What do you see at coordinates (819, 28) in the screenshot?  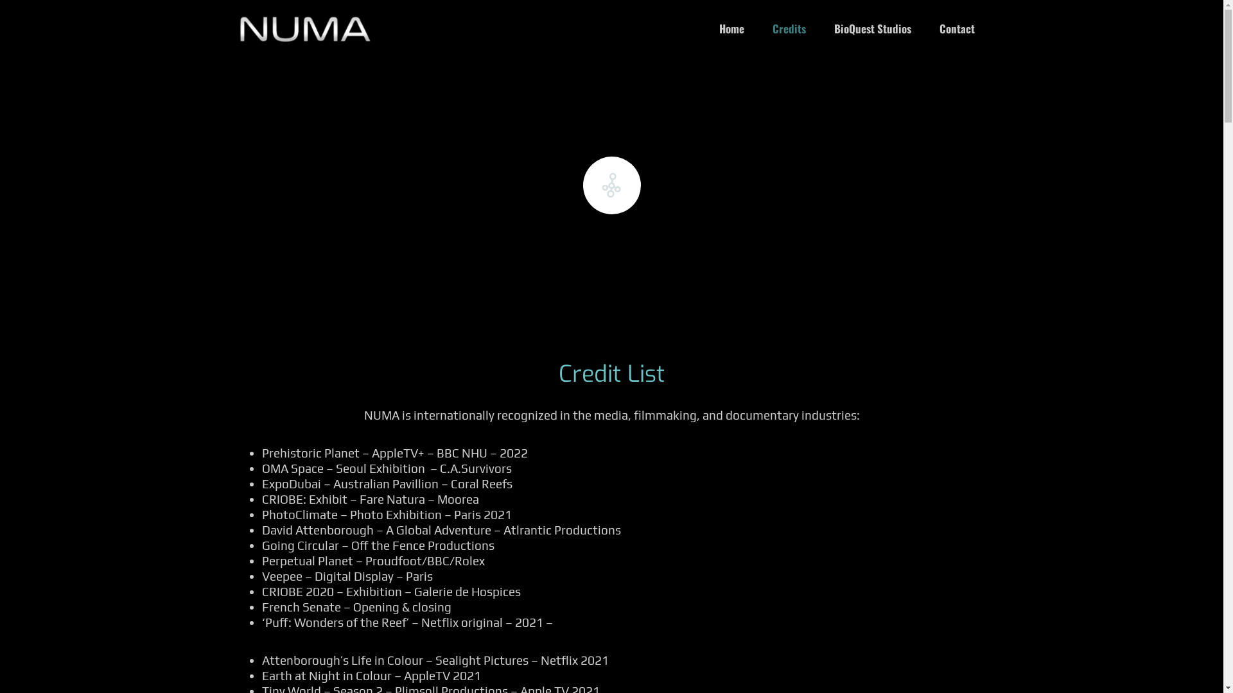 I see `'BioQuest Studios'` at bounding box center [819, 28].